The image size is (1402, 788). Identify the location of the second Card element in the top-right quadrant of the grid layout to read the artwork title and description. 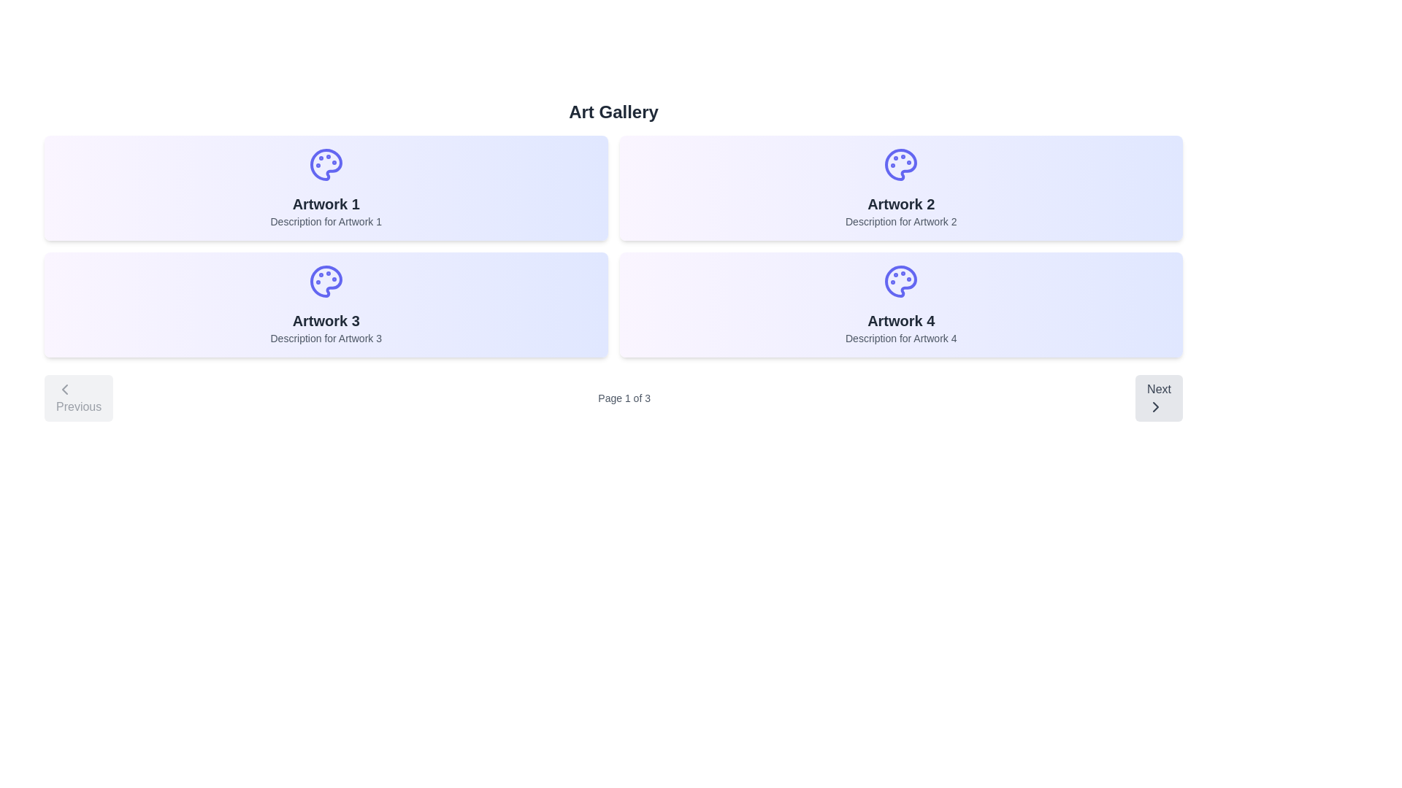
(900, 188).